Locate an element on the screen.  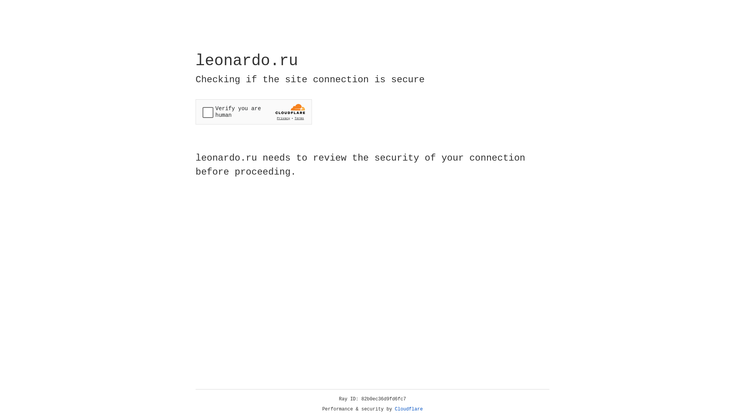
'Widget containing a Cloudflare security challenge' is located at coordinates (253, 112).